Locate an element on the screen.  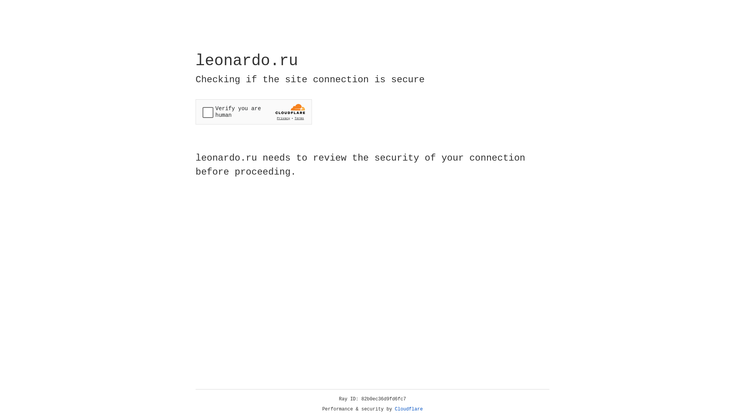
'Widget containing a Cloudflare security challenge' is located at coordinates (253, 112).